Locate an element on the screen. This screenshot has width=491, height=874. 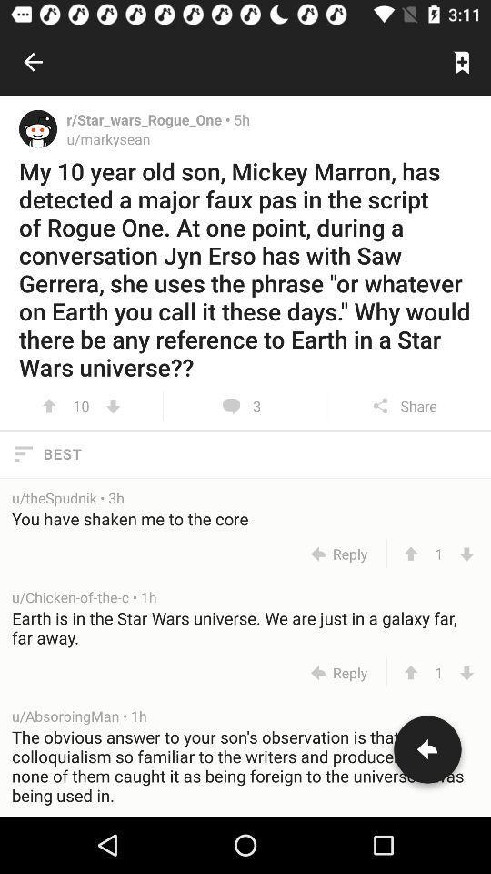
down vote is located at coordinates (466, 672).